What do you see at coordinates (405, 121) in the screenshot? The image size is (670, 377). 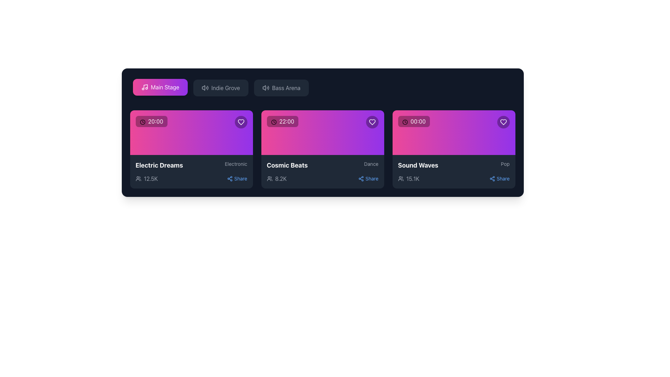 I see `the SVG Circle element that forms part of the clock icon inside the 'Sound Waves' event card, located at the center of the clock icon` at bounding box center [405, 121].